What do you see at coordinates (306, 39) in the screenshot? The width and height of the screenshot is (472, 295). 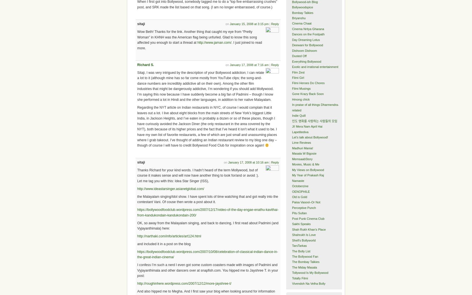 I see `'Day Dreaming Lotus'` at bounding box center [306, 39].